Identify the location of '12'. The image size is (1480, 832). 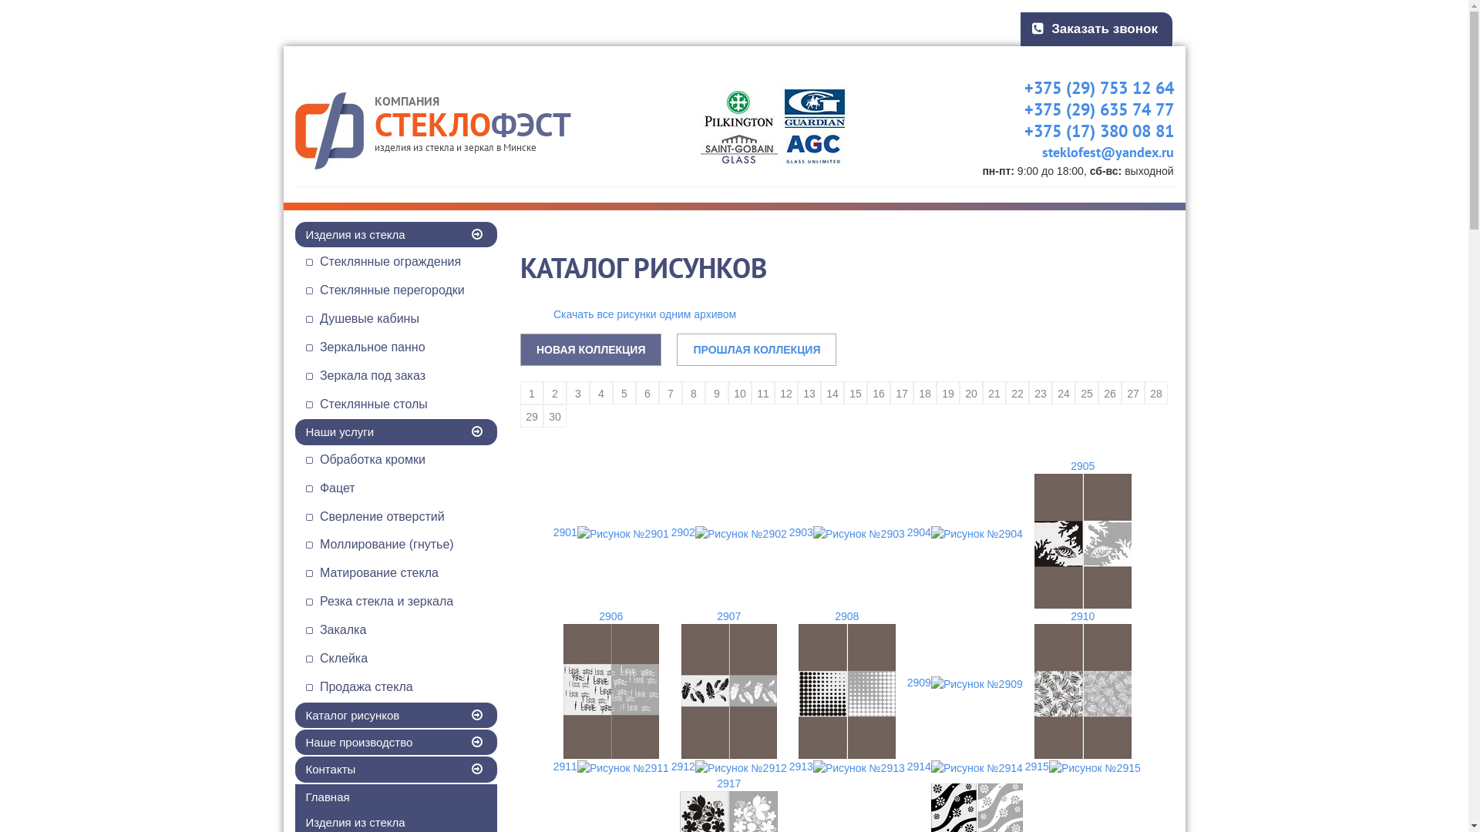
(785, 391).